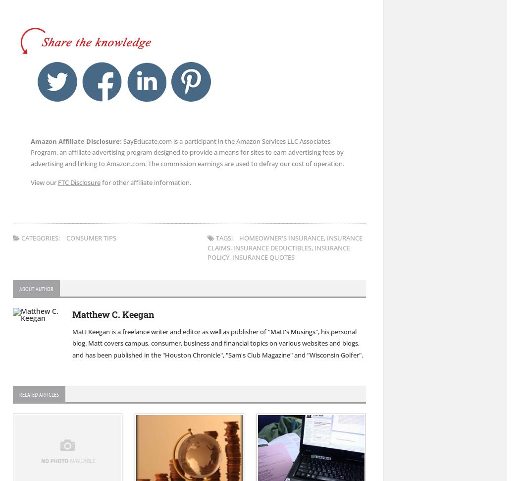  I want to click on 'facebook', so click(136, 64).